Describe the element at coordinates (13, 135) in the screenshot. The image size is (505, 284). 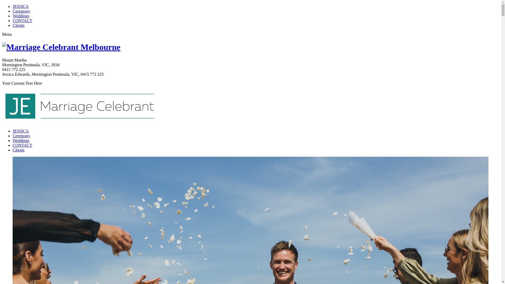
I see `'Ceremony'` at that location.